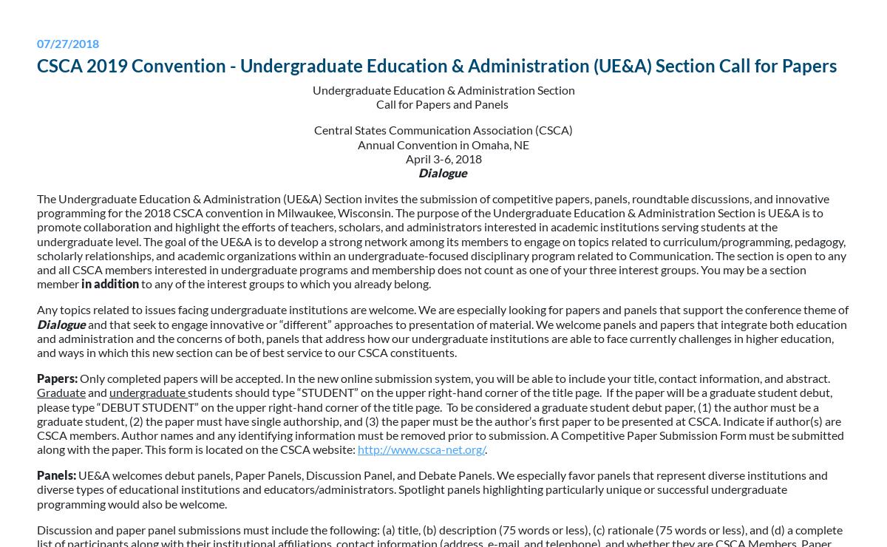 This screenshot has height=547, width=887. I want to click on 'to any of the interest groups to which you already belong.', so click(138, 282).